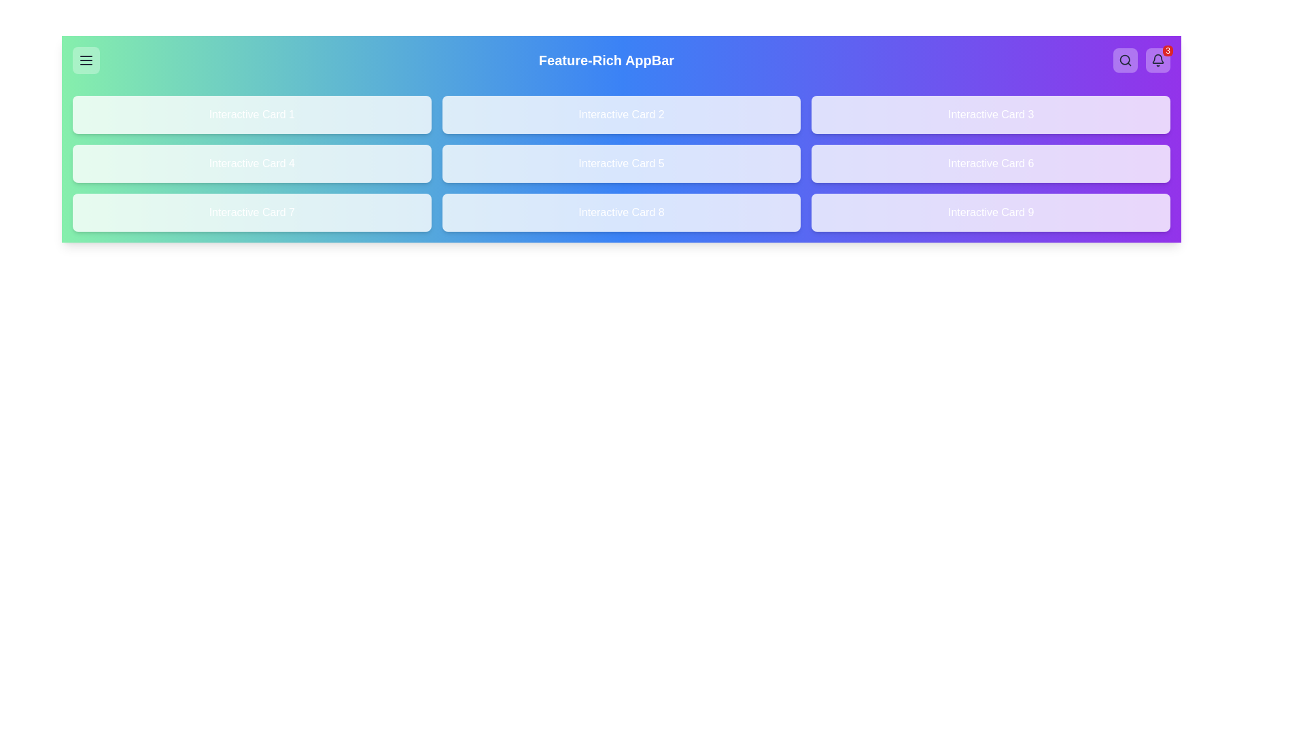 The image size is (1305, 734). Describe the element at coordinates (85, 59) in the screenshot. I see `the menu button to observe its hover effect` at that location.